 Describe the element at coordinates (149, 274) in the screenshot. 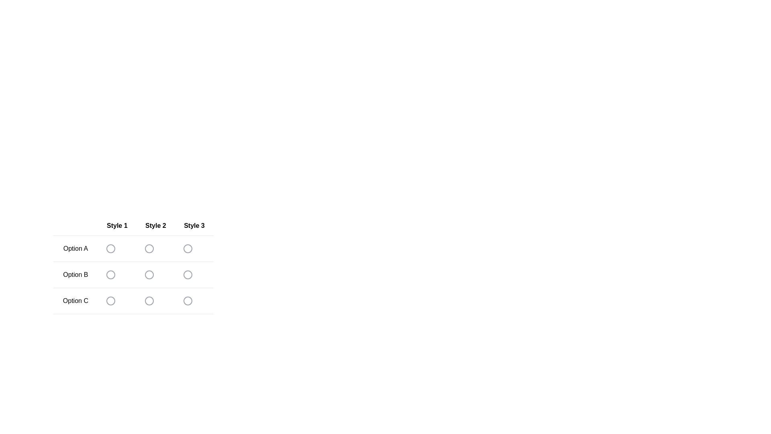

I see `the radio button for 'Option B' under 'Style 2'` at that location.